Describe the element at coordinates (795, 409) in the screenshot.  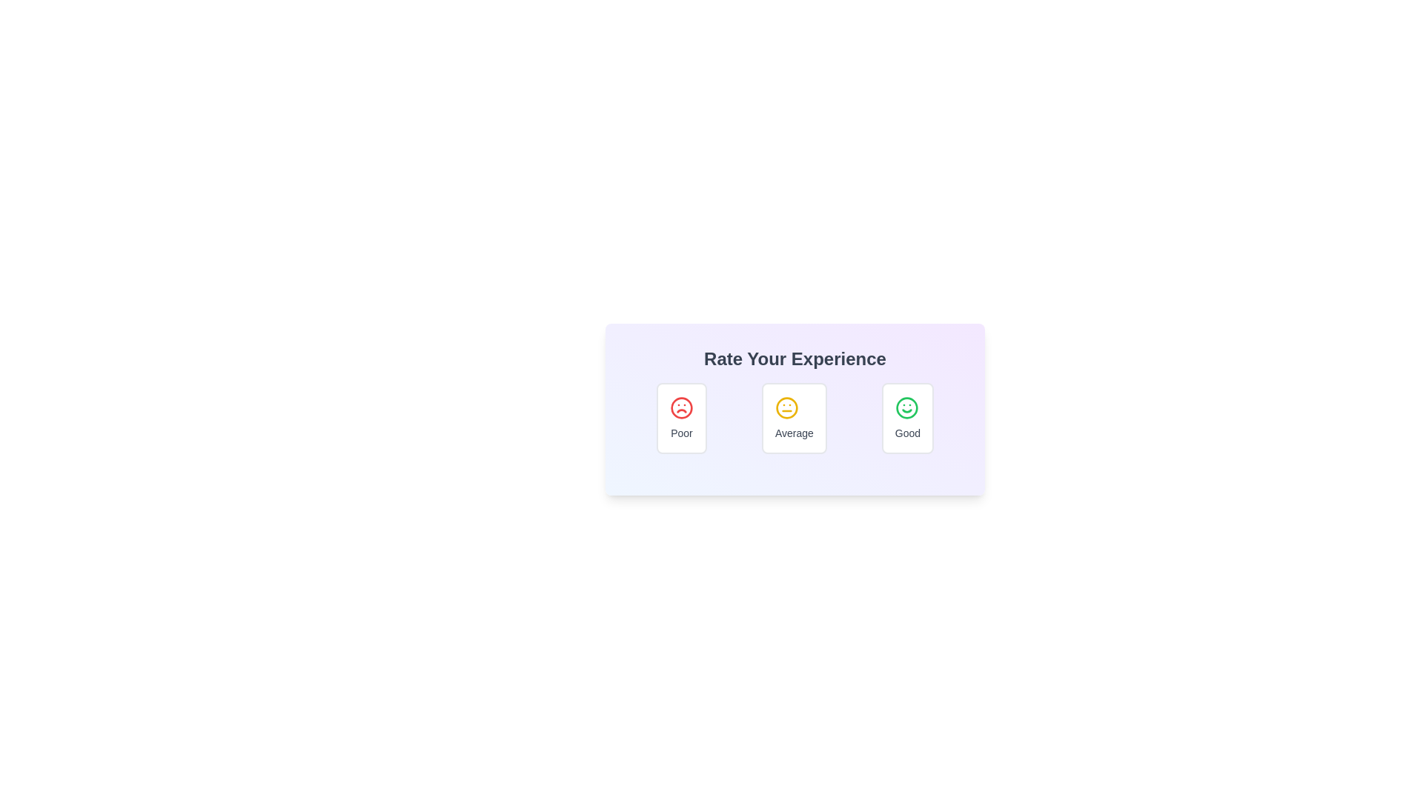
I see `text displayed in the rating card UI component, which allows users to rate their experience with options: Poor, Average, or Good` at that location.